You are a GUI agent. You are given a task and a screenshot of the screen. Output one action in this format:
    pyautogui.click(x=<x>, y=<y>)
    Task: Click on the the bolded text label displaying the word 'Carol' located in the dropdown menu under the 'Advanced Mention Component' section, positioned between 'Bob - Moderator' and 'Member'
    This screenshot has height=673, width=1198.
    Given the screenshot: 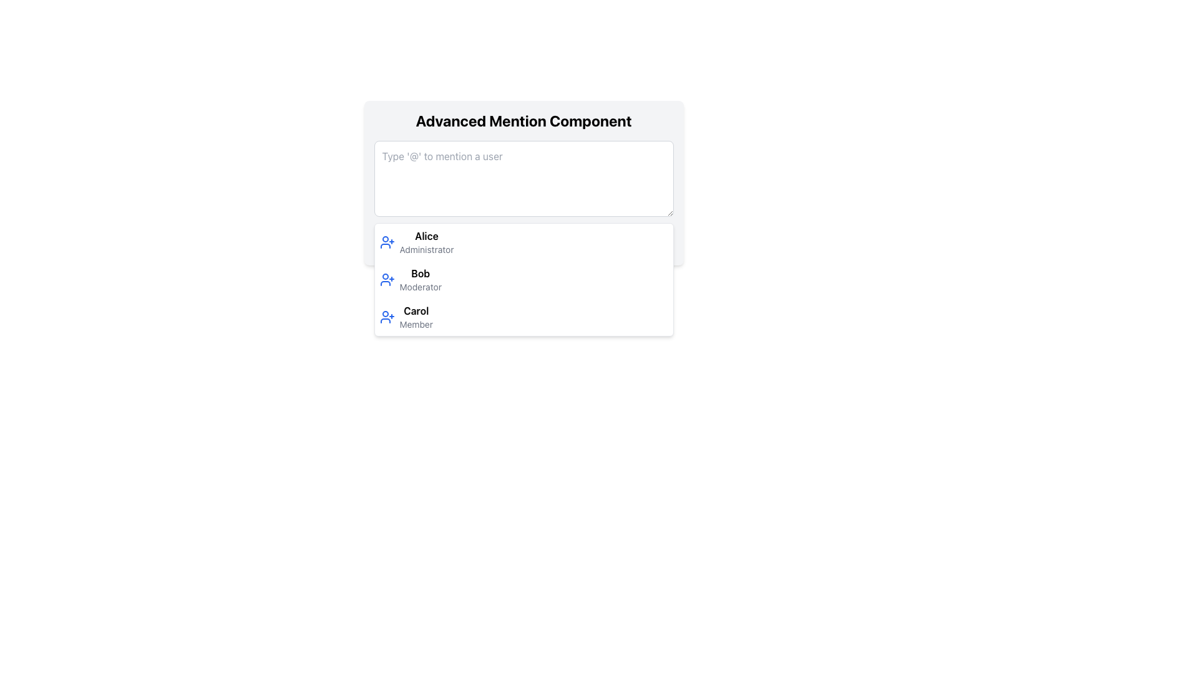 What is the action you would take?
    pyautogui.click(x=416, y=310)
    